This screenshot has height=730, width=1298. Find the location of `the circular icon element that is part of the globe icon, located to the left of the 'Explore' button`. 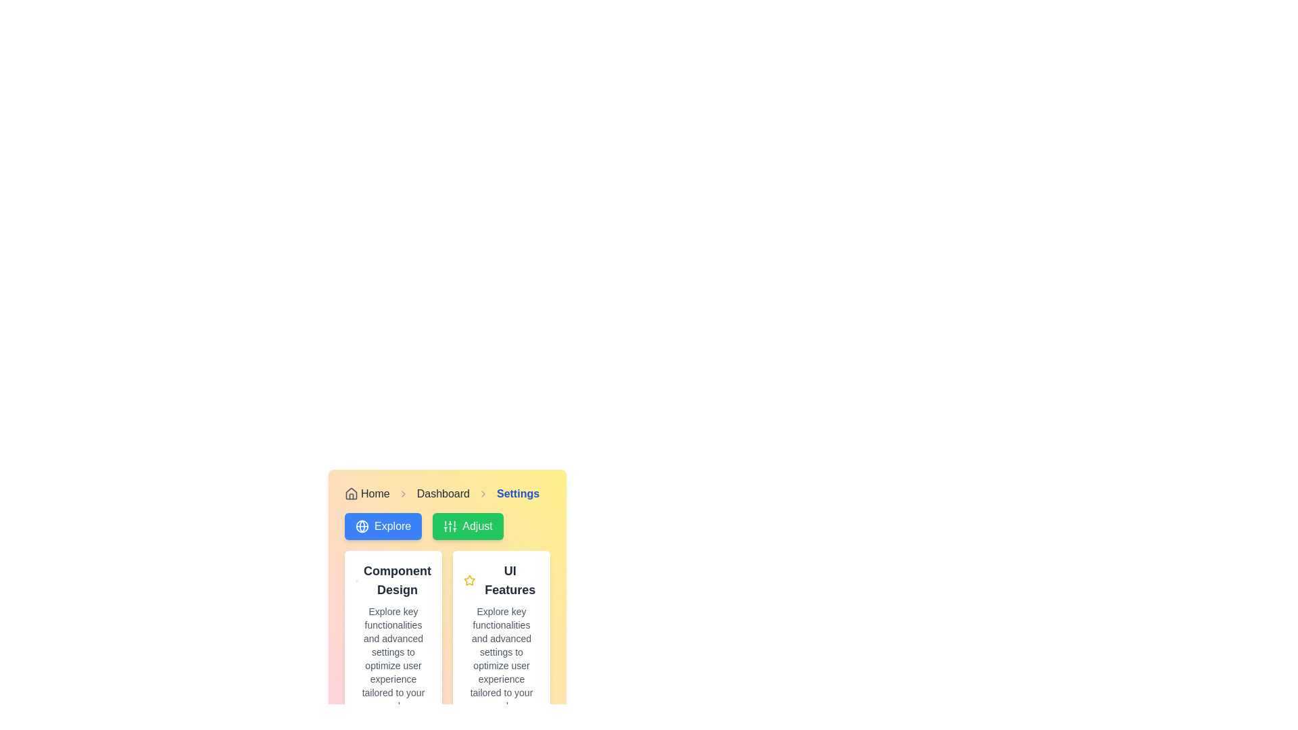

the circular icon element that is part of the globe icon, located to the left of the 'Explore' button is located at coordinates (362, 526).